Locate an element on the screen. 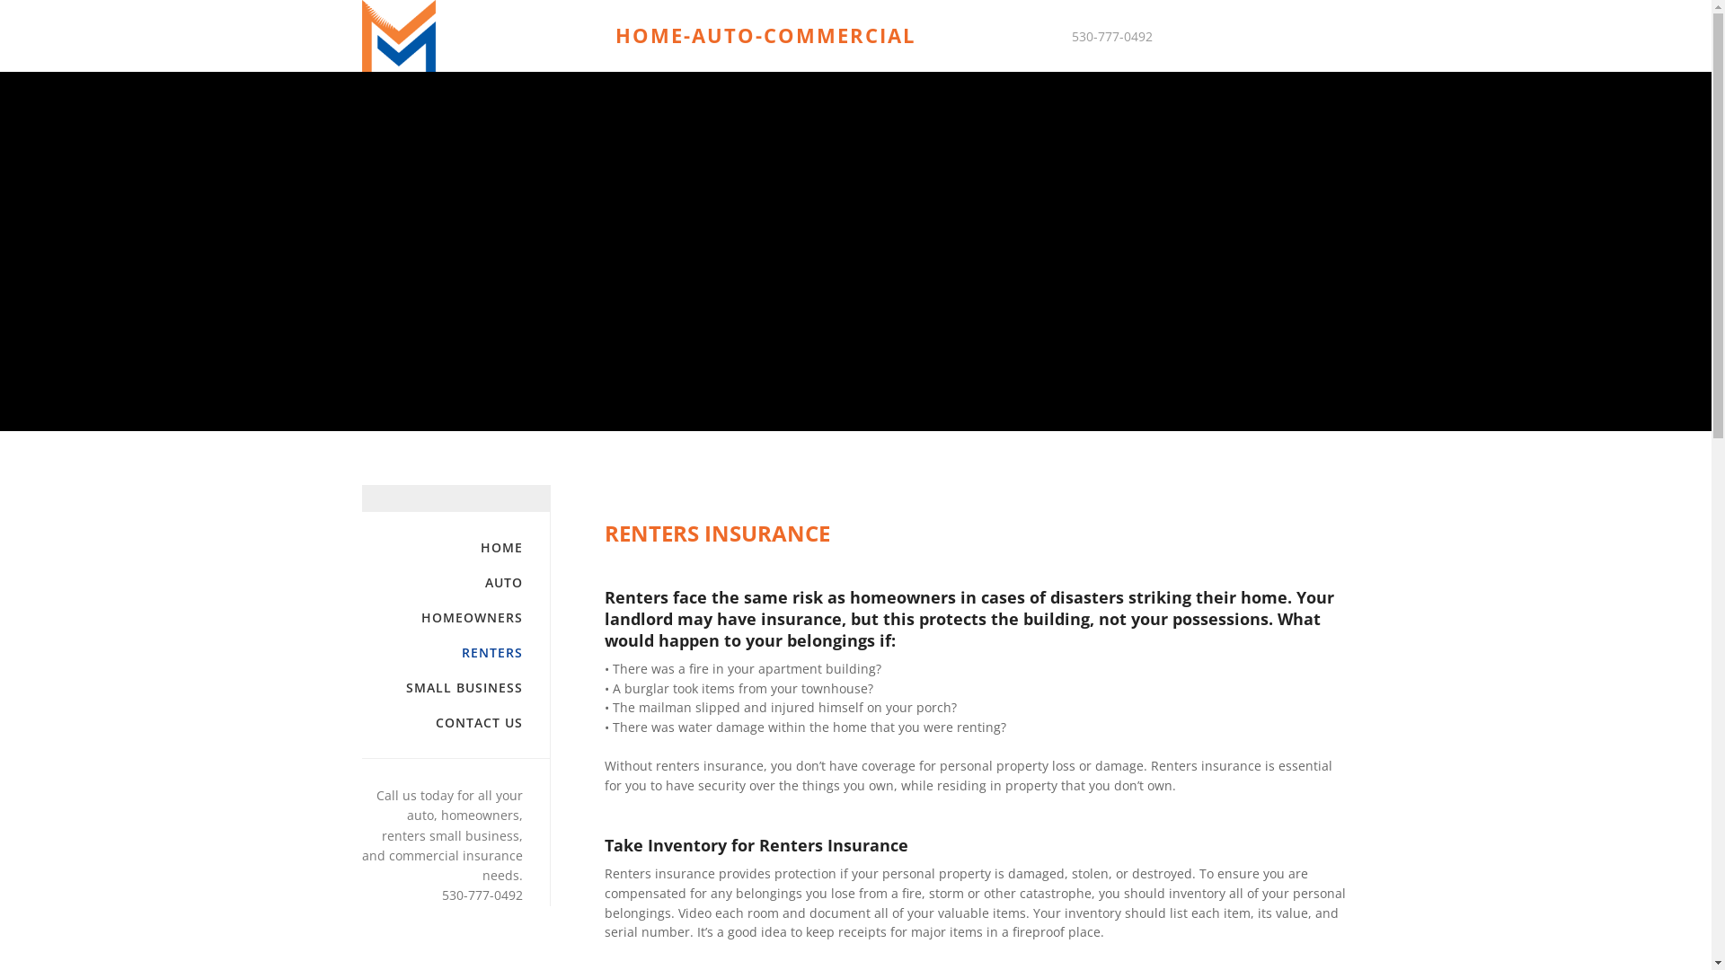  'HOMEOWNERS' is located at coordinates (441, 616).